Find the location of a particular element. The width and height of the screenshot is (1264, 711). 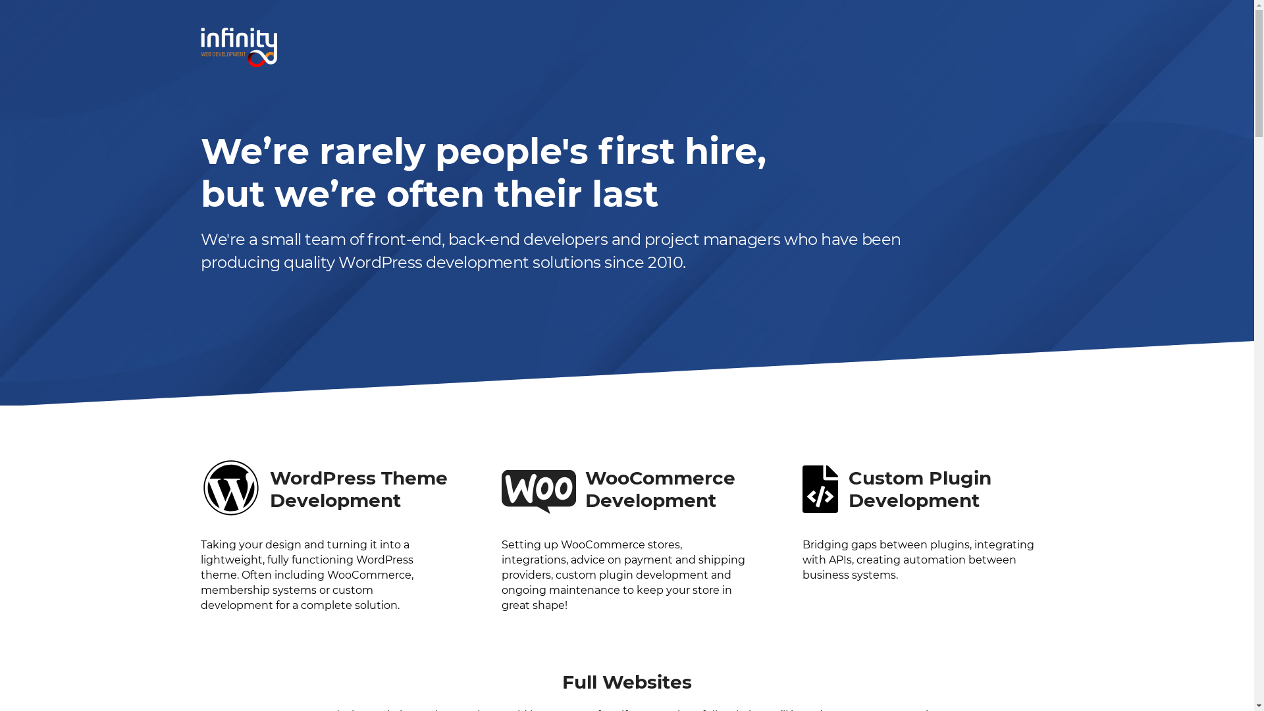

'Infinity Web Development' is located at coordinates (239, 47).